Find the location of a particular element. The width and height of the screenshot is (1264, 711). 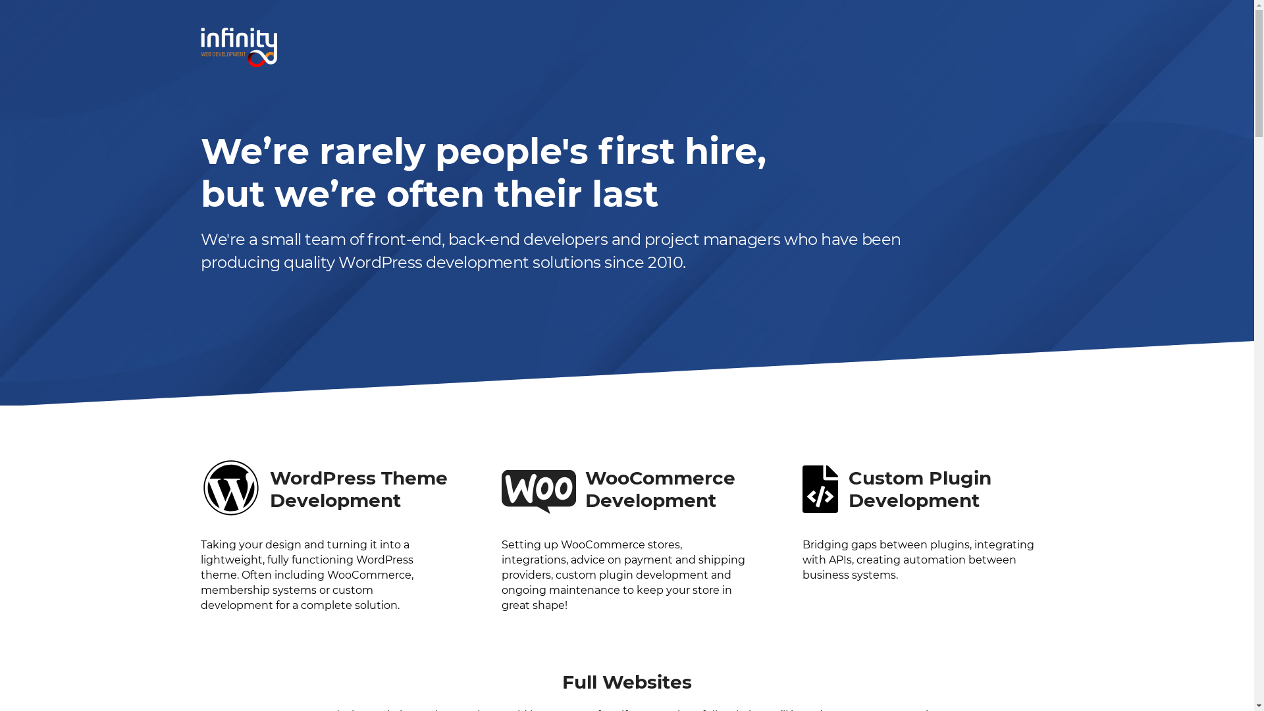

'Infinity Web Development' is located at coordinates (239, 47).